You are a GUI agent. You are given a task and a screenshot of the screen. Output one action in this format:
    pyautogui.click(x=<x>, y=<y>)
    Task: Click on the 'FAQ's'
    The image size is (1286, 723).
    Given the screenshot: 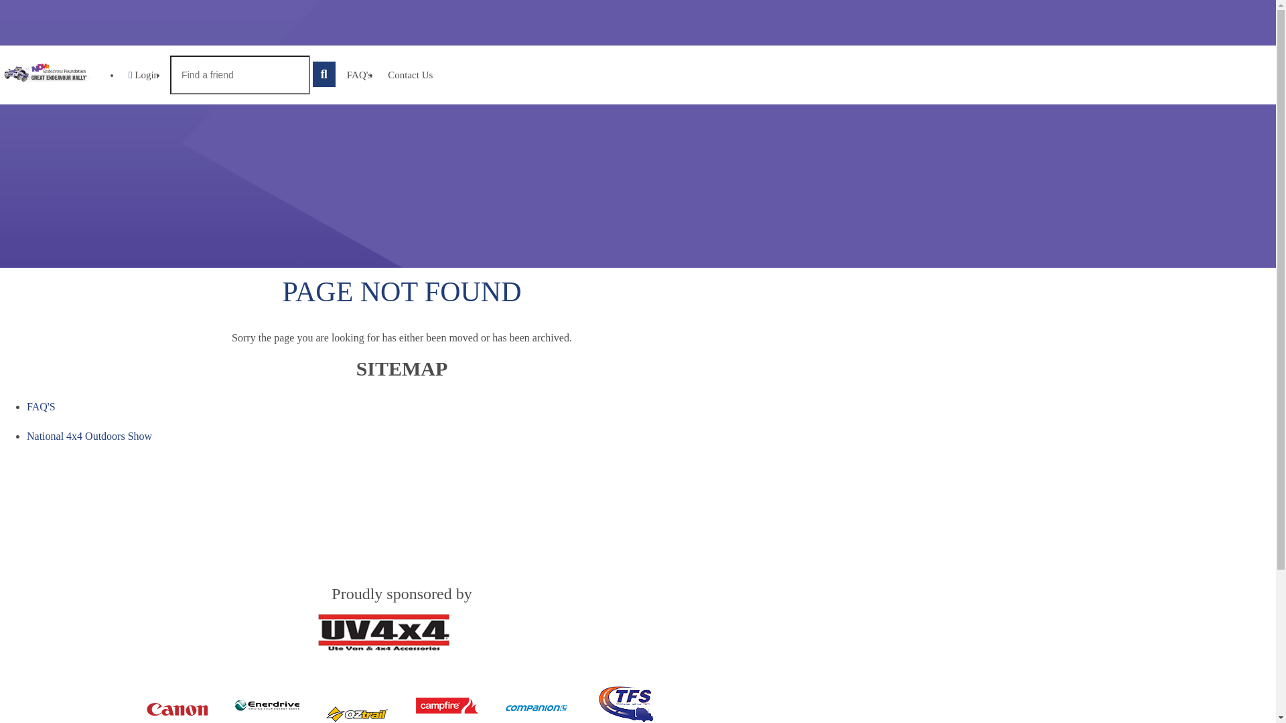 What is the action you would take?
    pyautogui.click(x=359, y=74)
    